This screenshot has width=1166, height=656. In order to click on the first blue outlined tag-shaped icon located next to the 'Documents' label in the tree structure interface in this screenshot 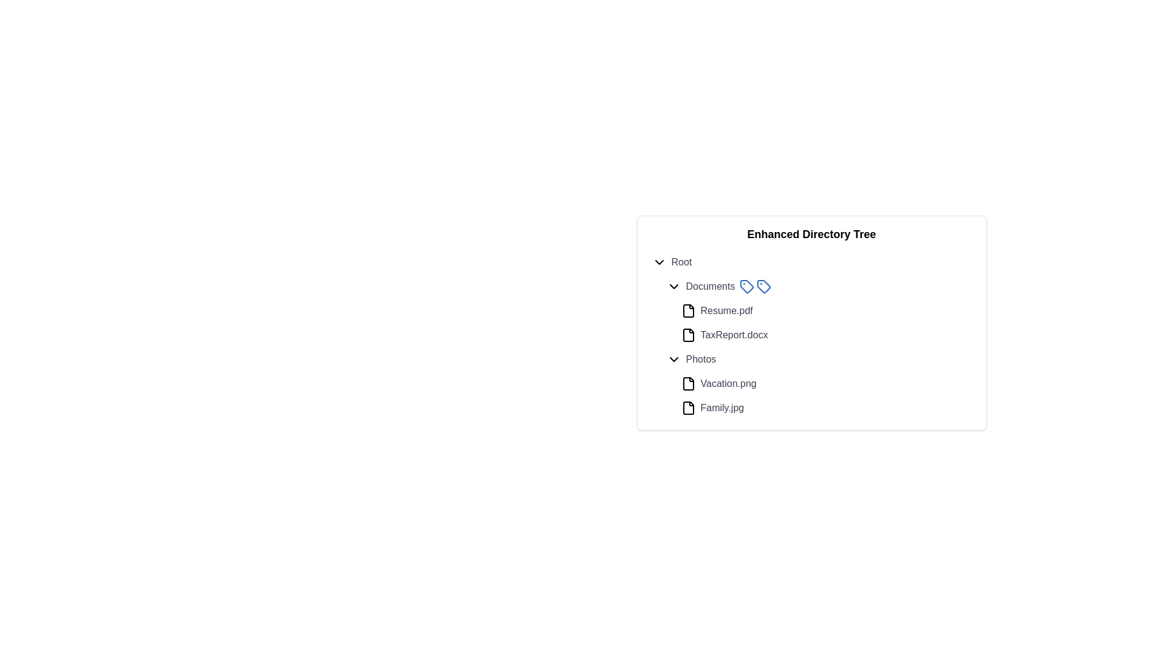, I will do `click(746, 286)`.